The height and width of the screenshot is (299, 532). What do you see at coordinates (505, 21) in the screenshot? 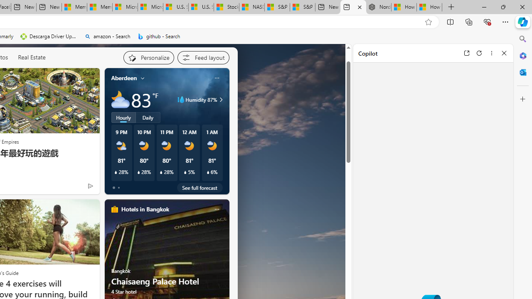
I see `'Settings and more (Alt+F)'` at bounding box center [505, 21].